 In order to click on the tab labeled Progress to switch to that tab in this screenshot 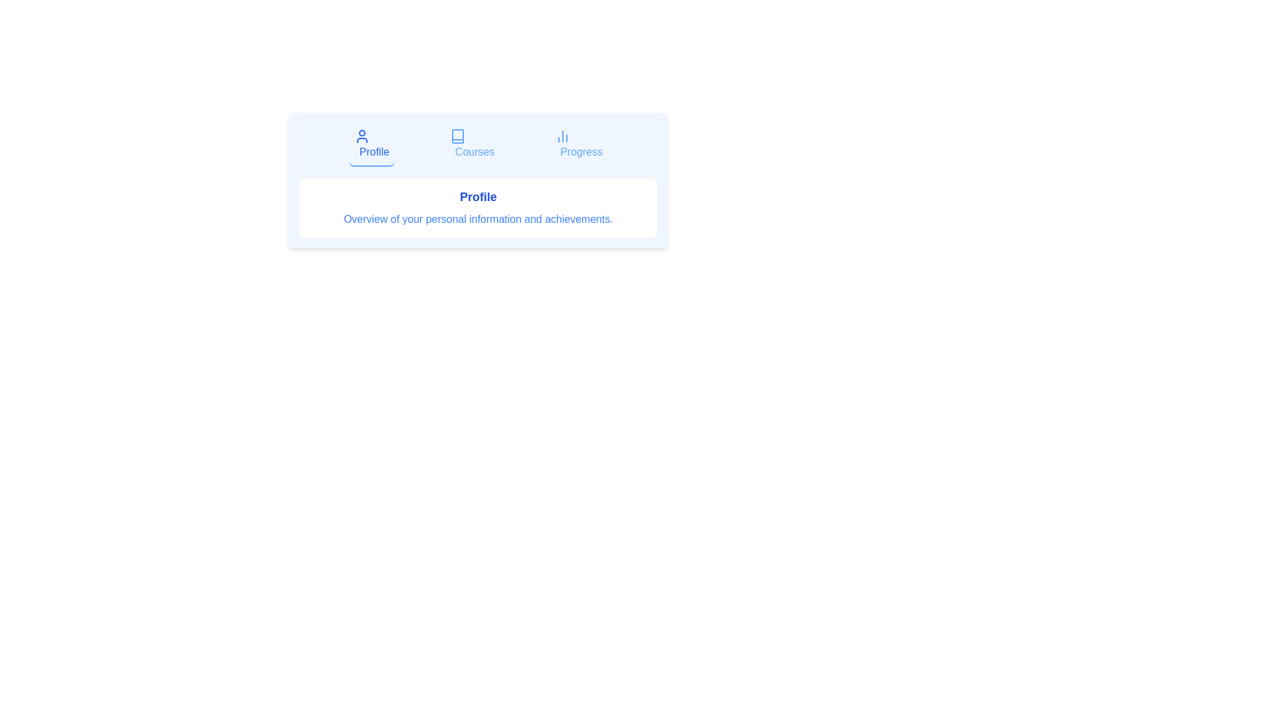, I will do `click(579, 144)`.